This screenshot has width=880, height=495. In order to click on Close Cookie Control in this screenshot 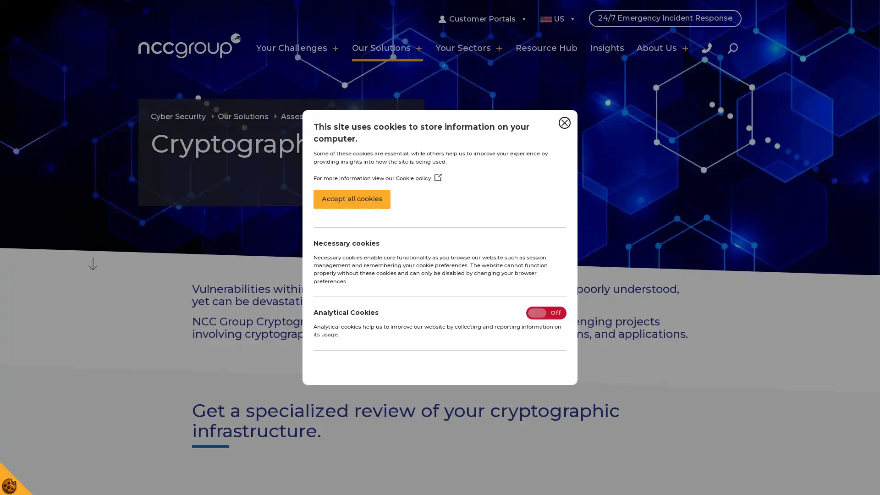, I will do `click(564, 122)`.